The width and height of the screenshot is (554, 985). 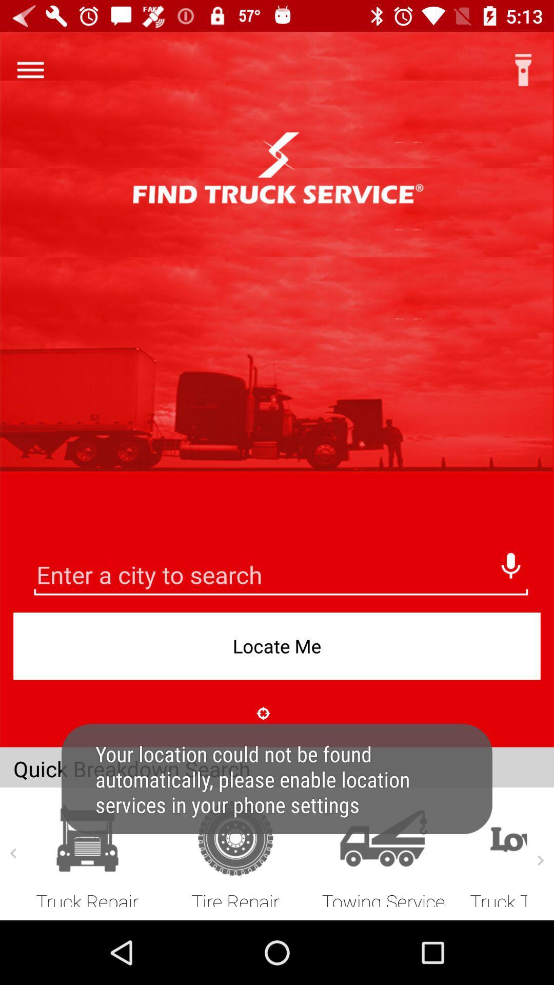 What do you see at coordinates (510, 562) in the screenshot?
I see `the microphone icon` at bounding box center [510, 562].